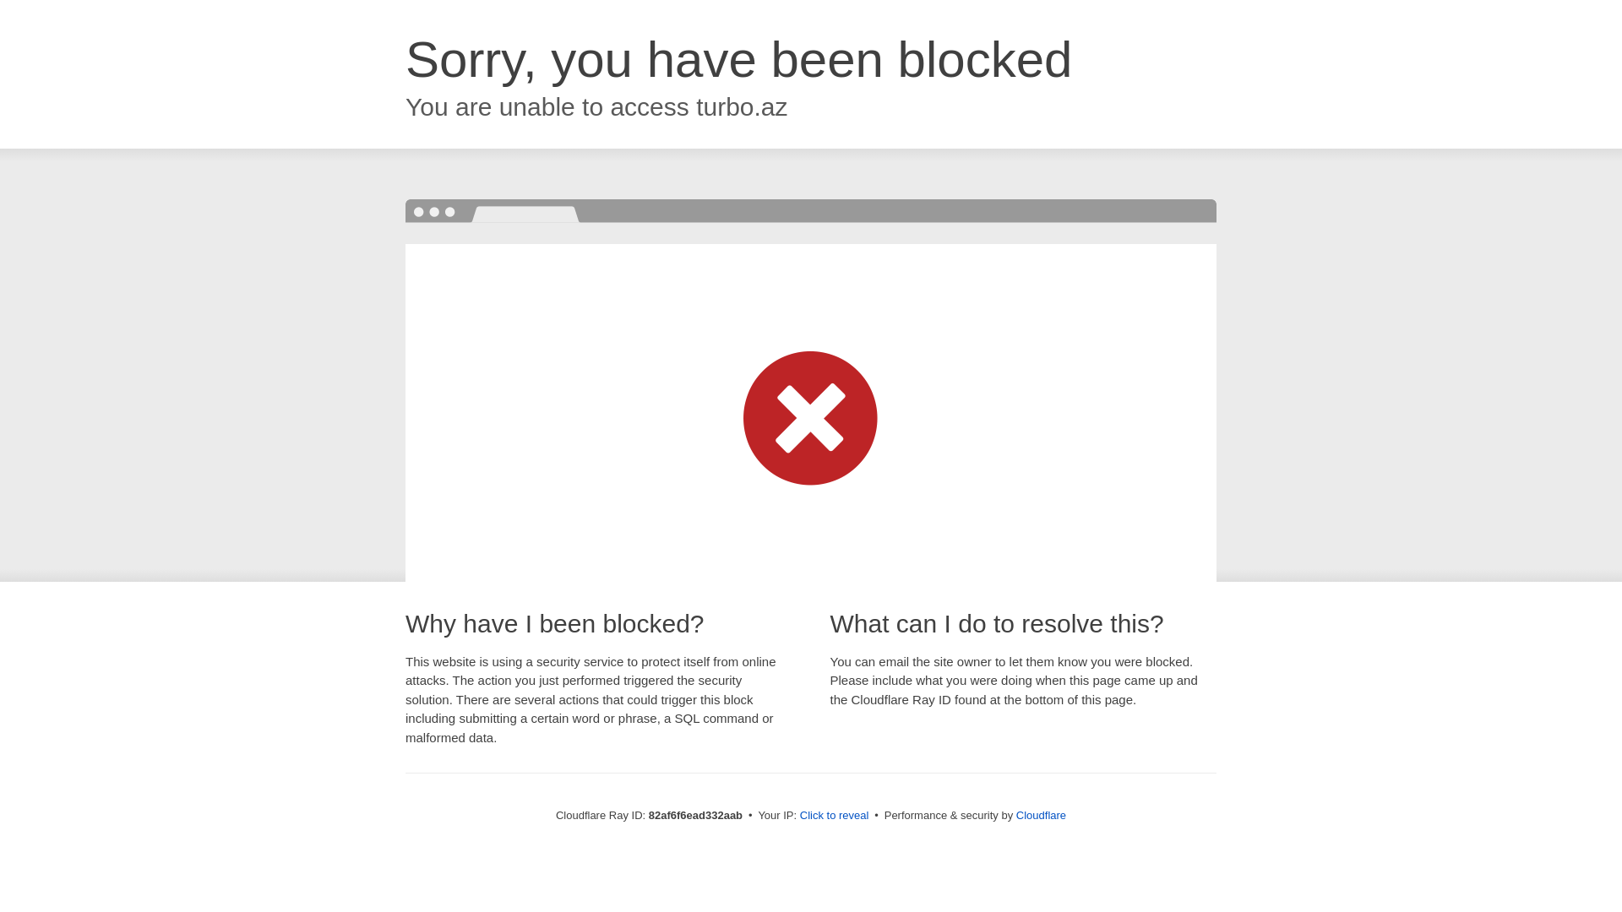  Describe the element at coordinates (1040, 814) in the screenshot. I see `'Cloudflare'` at that location.